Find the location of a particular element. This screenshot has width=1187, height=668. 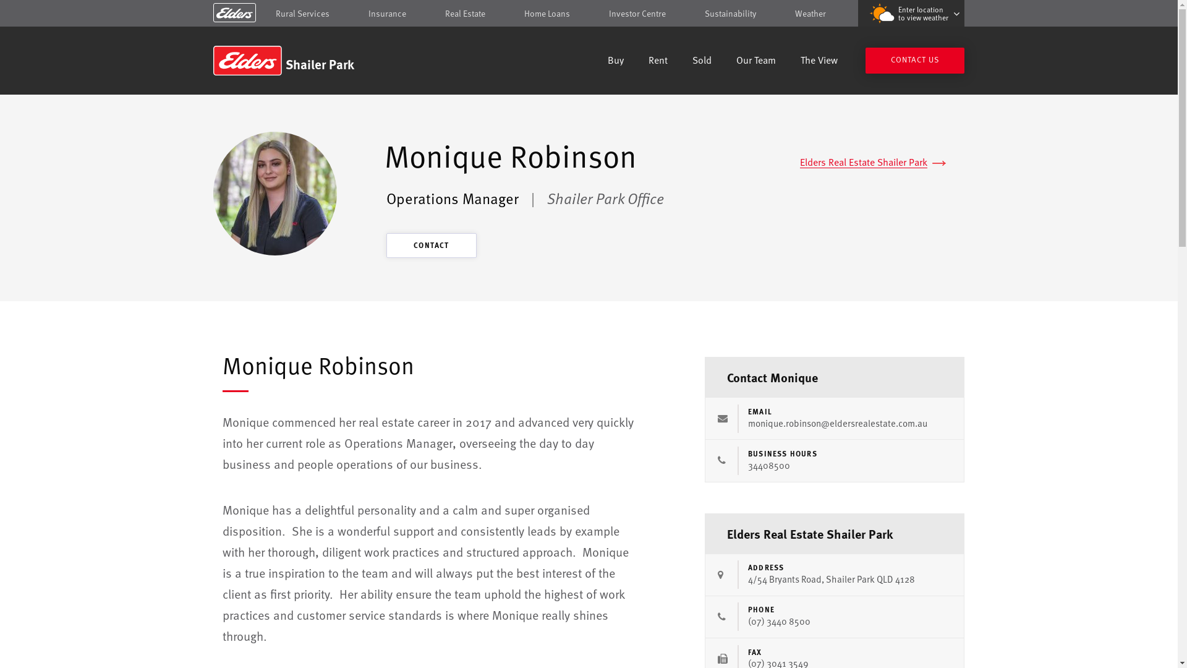

'Investor Centre' is located at coordinates (637, 13).